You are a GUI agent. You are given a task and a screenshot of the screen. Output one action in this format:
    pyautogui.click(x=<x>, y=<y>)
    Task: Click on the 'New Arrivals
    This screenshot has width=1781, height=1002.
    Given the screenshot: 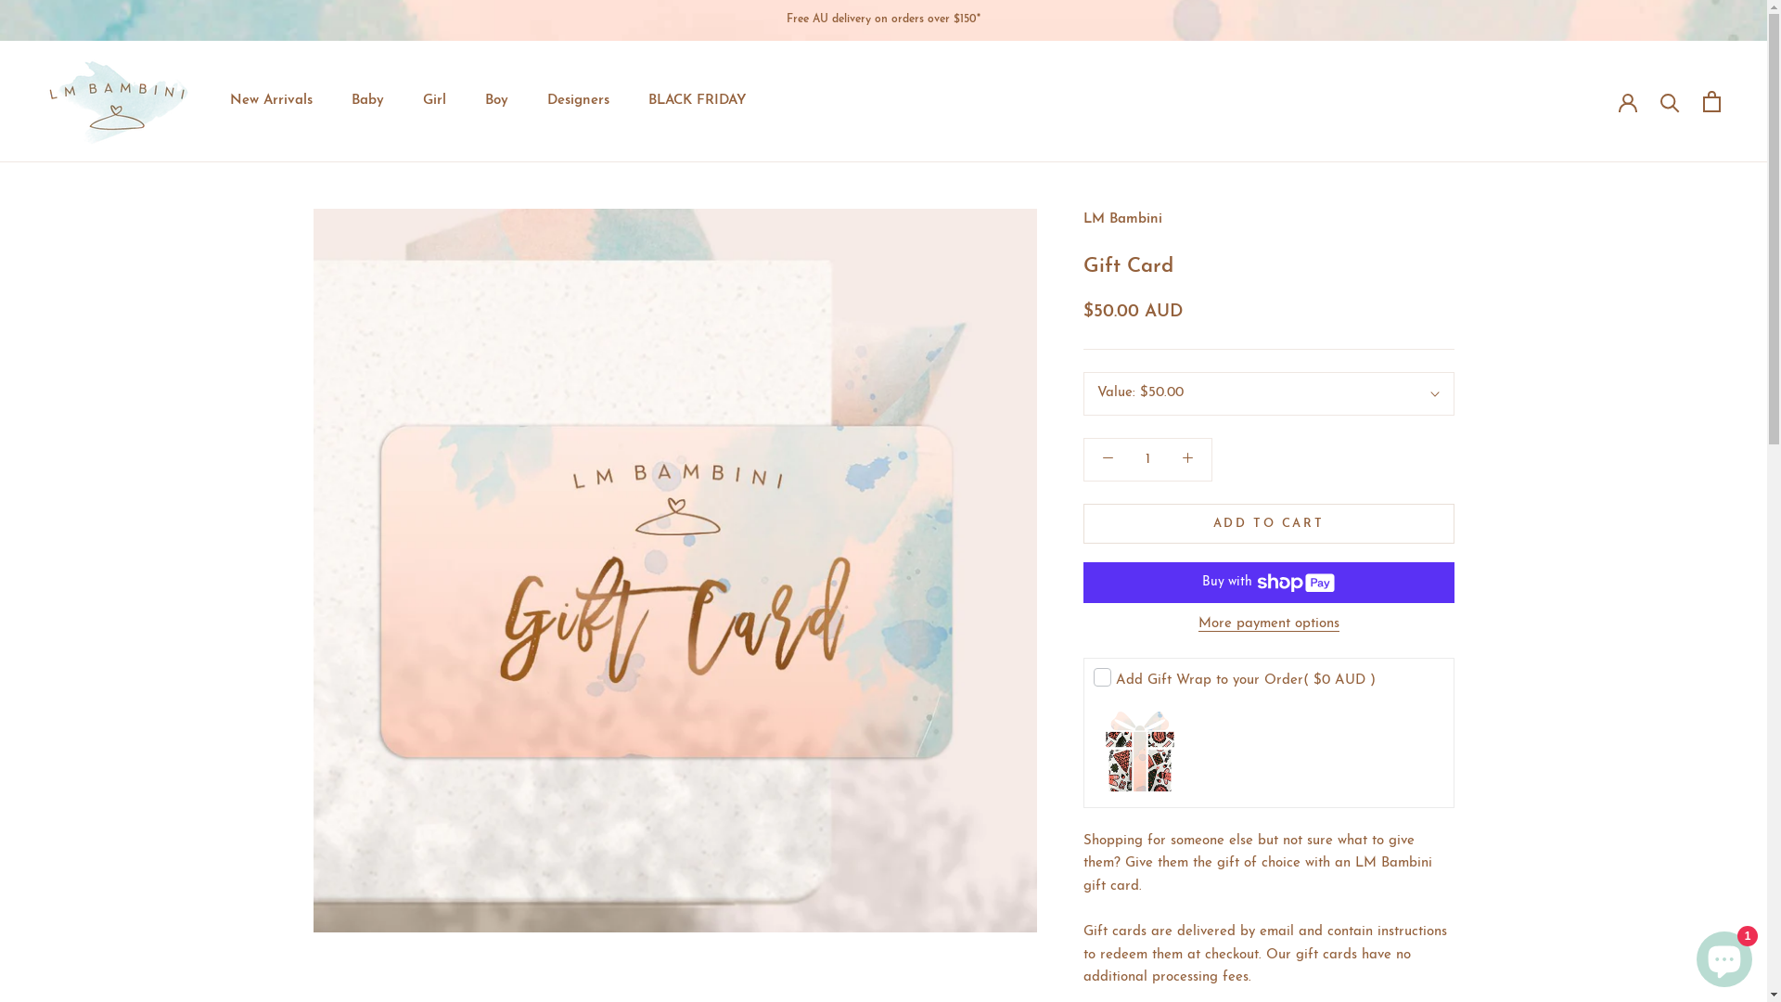 What is the action you would take?
    pyautogui.click(x=270, y=100)
    